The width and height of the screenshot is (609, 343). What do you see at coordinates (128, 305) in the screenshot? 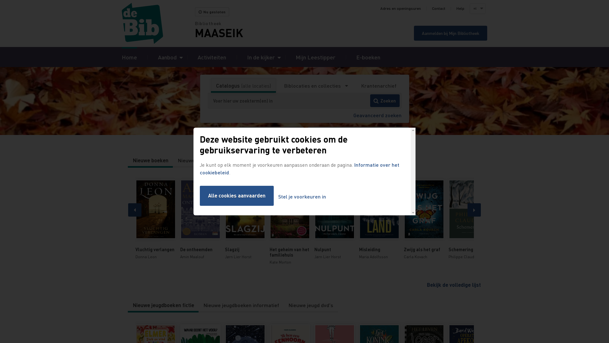
I see `'Nieuwe jeugdboeken fictie'` at bounding box center [128, 305].